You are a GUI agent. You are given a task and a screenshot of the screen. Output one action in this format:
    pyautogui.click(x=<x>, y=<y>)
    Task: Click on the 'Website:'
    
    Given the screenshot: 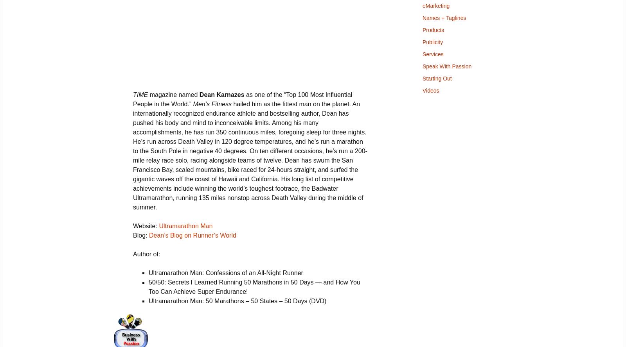 What is the action you would take?
    pyautogui.click(x=146, y=226)
    